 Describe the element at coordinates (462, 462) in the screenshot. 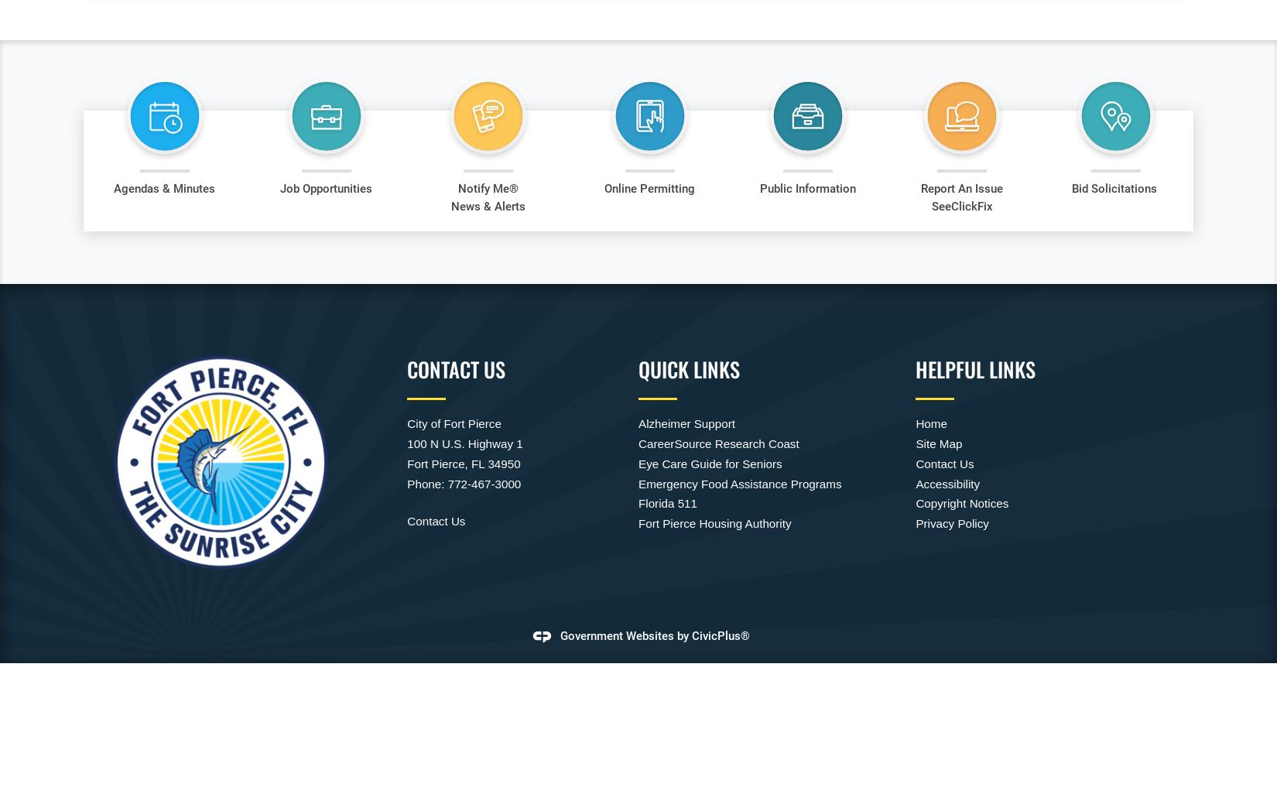

I see `'Fort Pierce, FL 34950'` at that location.